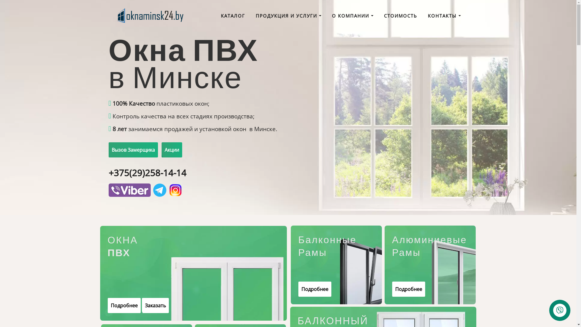 Image resolution: width=581 pixels, height=327 pixels. I want to click on '+375(29)258-14-14', so click(147, 173).